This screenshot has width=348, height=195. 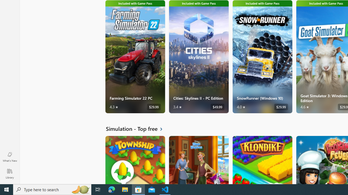 I want to click on 'What', so click(x=10, y=157).